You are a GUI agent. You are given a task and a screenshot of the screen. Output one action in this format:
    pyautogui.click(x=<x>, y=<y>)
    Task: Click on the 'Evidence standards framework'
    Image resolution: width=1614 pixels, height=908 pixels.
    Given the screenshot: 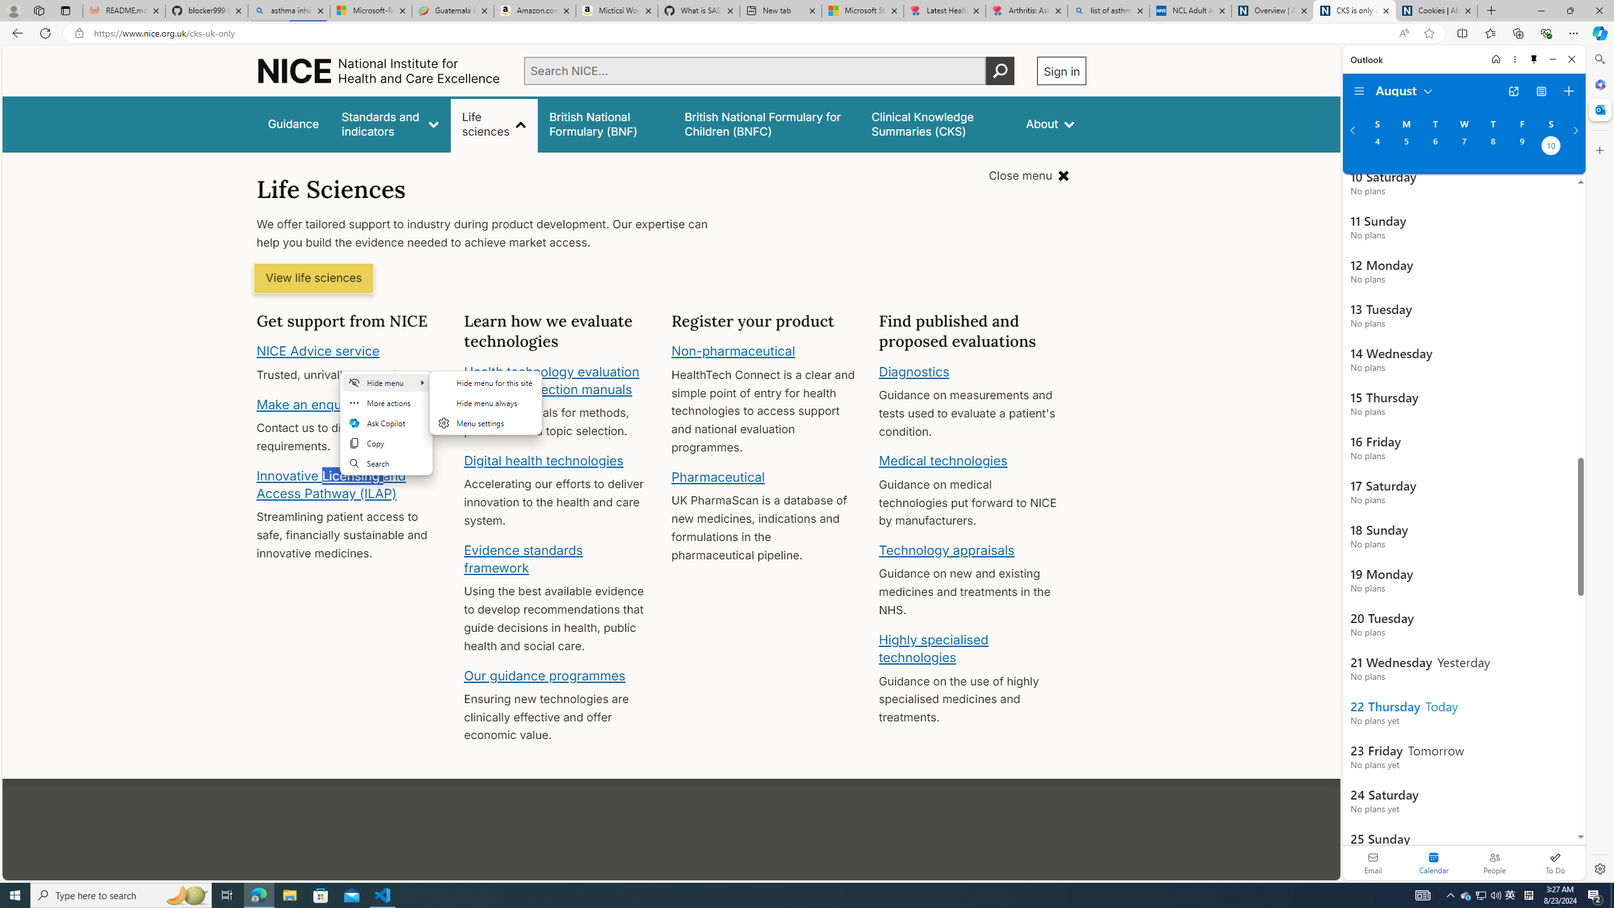 What is the action you would take?
    pyautogui.click(x=522, y=558)
    